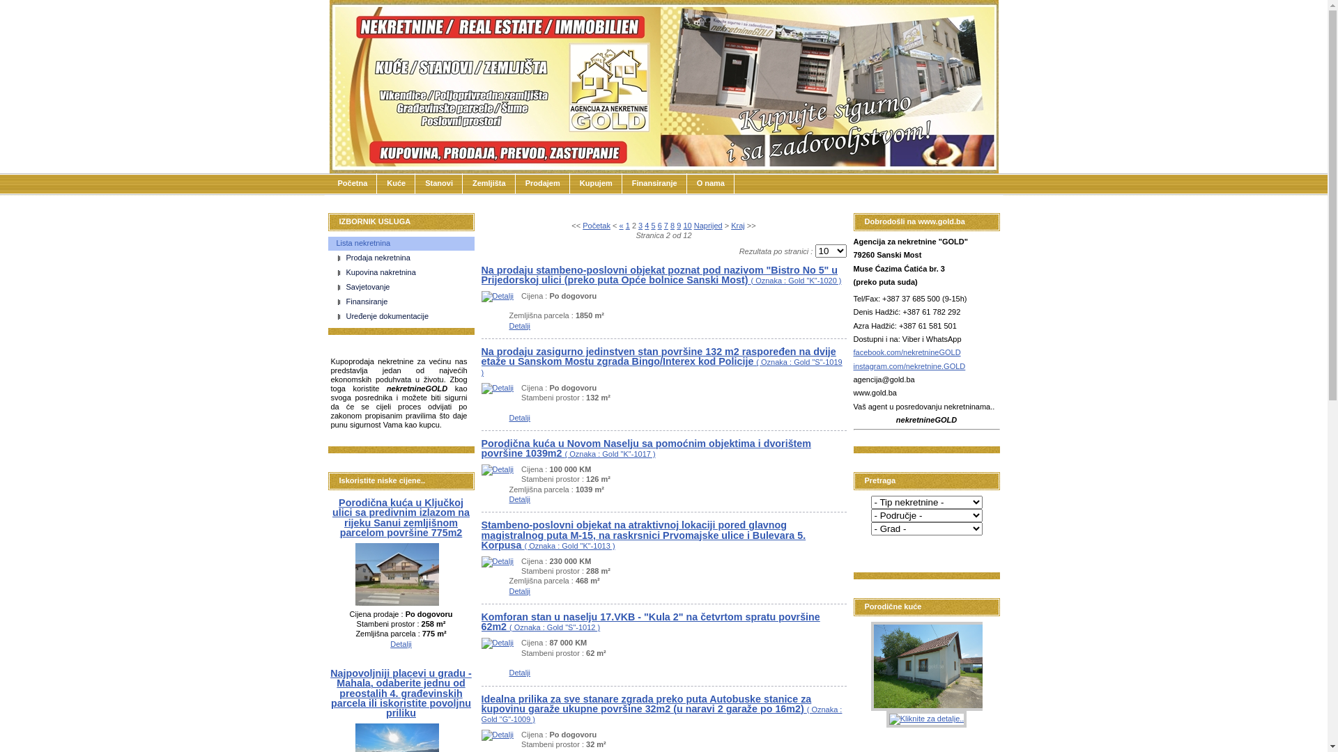 The image size is (1338, 752). Describe the element at coordinates (404, 273) in the screenshot. I see `'Kupovina nakretnina'` at that location.